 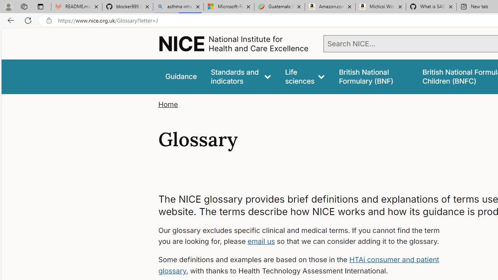 I want to click on 'Guidance', so click(x=180, y=77).